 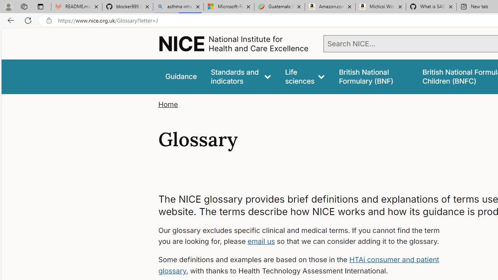 I want to click on 'Guidance', so click(x=180, y=77).